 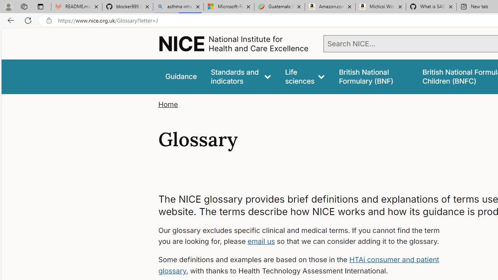 I want to click on 'Guidance', so click(x=180, y=77).